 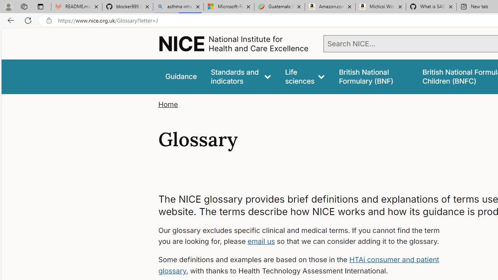 I want to click on 'Guidance', so click(x=180, y=77).